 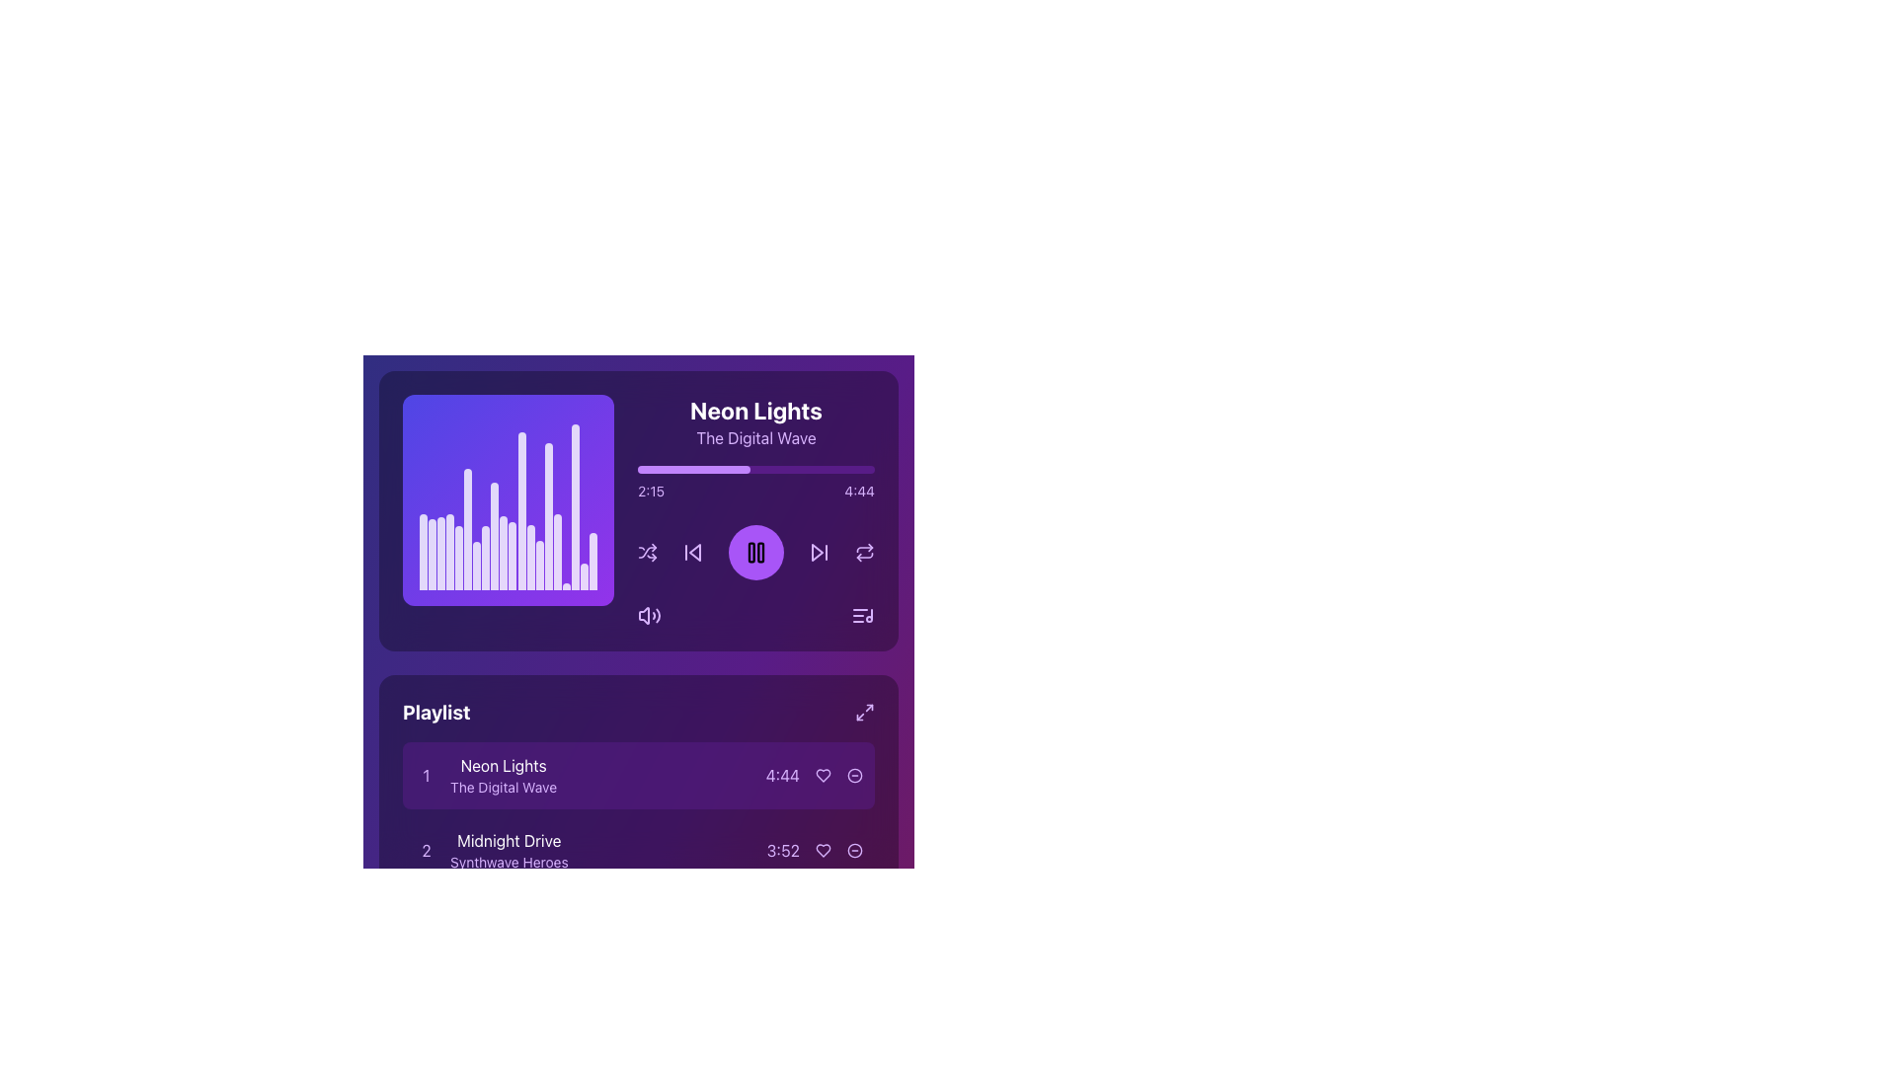 I want to click on the static text label that displays 'Playlist' in bold white font against a dark purple background, located at the upper-left area of the playlist panel, so click(x=435, y=712).